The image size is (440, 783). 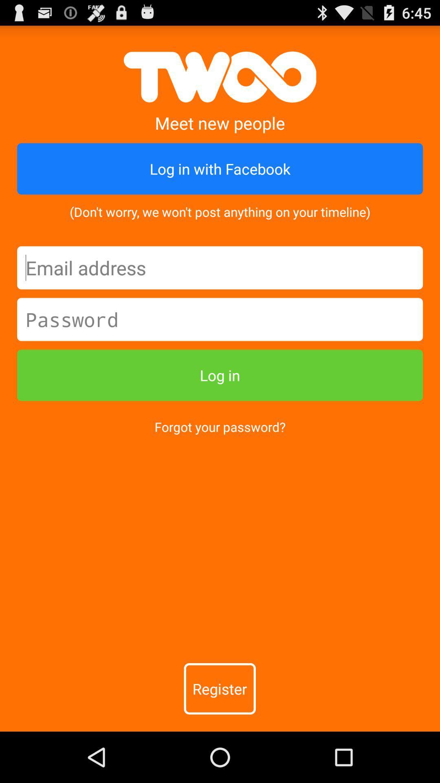 What do you see at coordinates (219, 688) in the screenshot?
I see `the app below the forgot your password? app` at bounding box center [219, 688].